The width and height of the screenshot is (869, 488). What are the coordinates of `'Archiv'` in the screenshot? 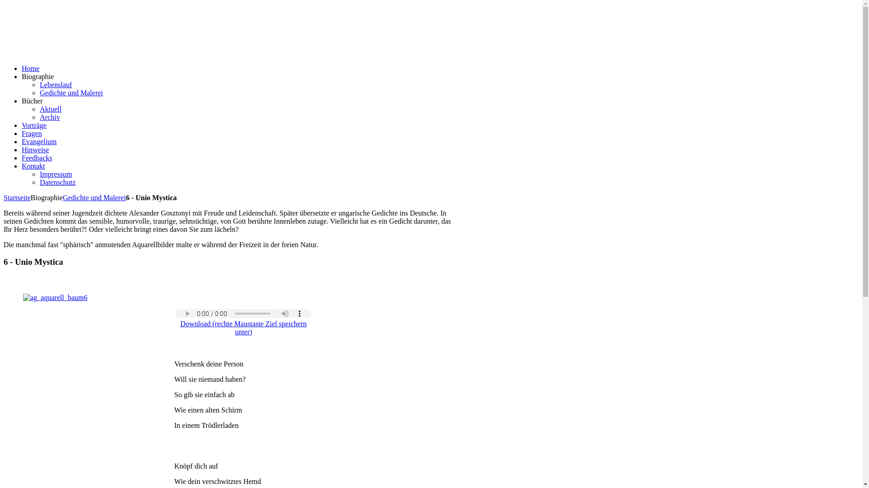 It's located at (49, 117).